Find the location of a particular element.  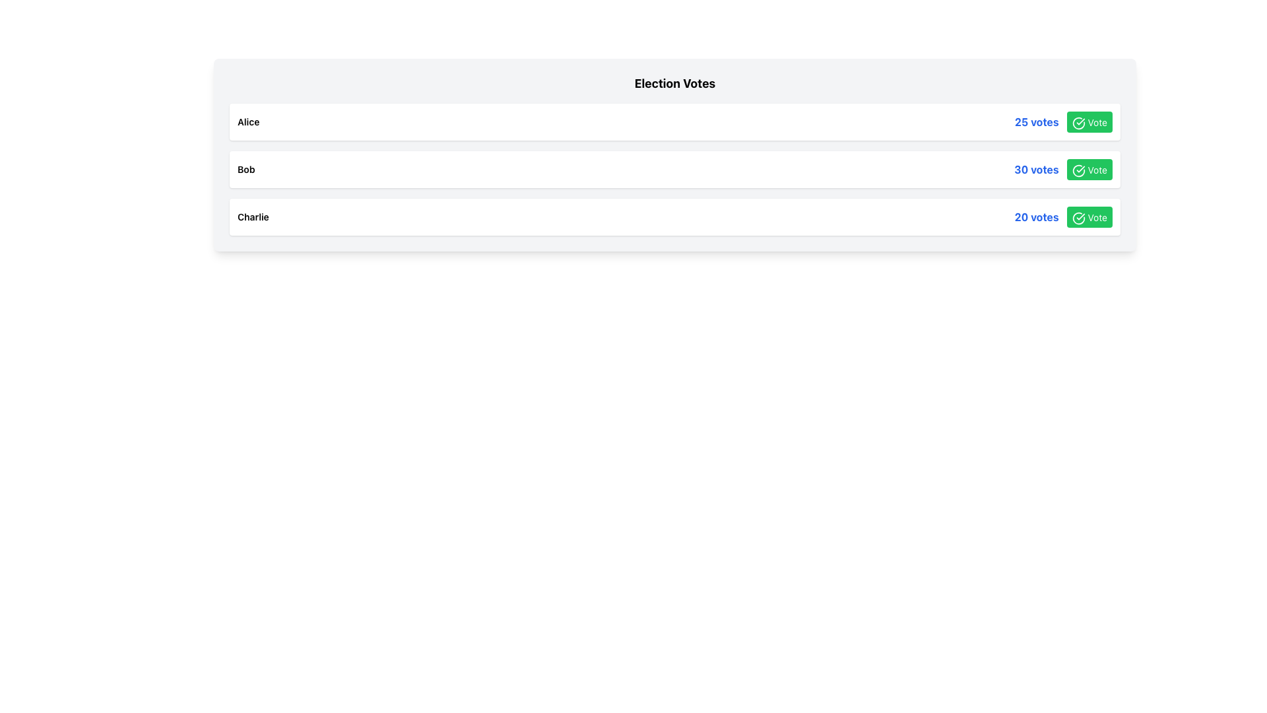

the SVG graphic within the 'Vote' button located in the first row of the list-style interface to signify its actionability is located at coordinates (1078, 123).